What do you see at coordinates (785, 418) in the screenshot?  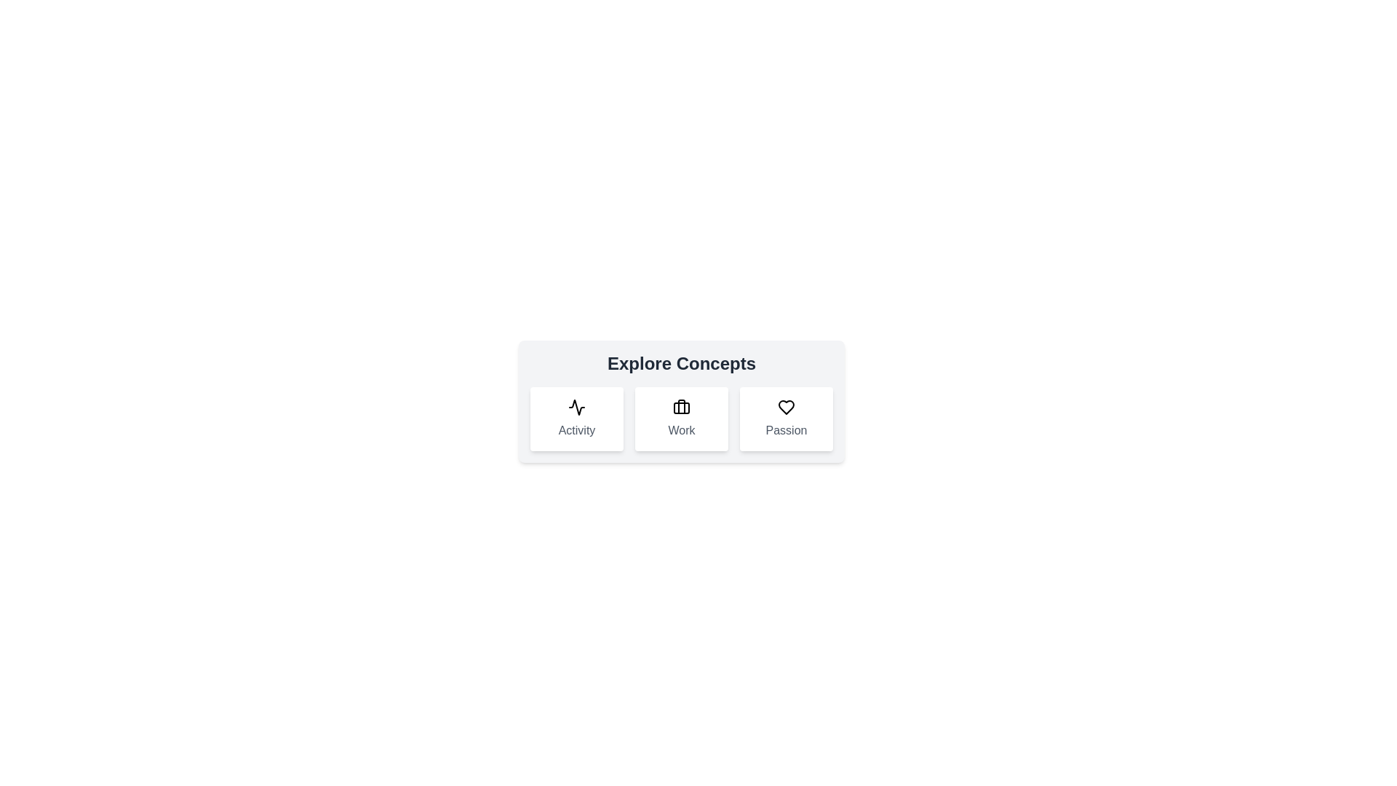 I see `the heart icon above the 'Passion' text within the card located to the right of the 'Activity' and 'Work' cards, which is centered below the 'Explore Concepts' header` at bounding box center [785, 418].